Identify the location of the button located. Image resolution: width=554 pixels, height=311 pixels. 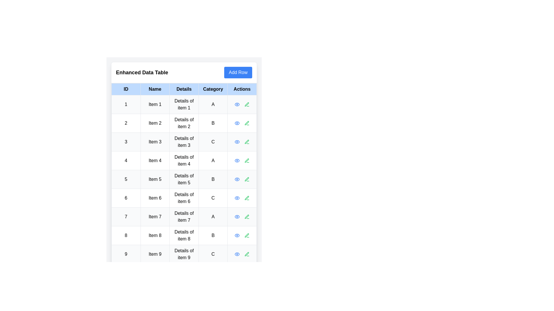
(238, 72).